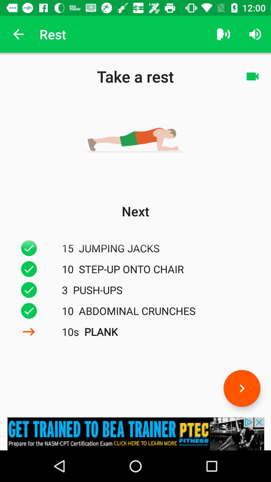 This screenshot has height=482, width=271. I want to click on camera tool, so click(252, 76).